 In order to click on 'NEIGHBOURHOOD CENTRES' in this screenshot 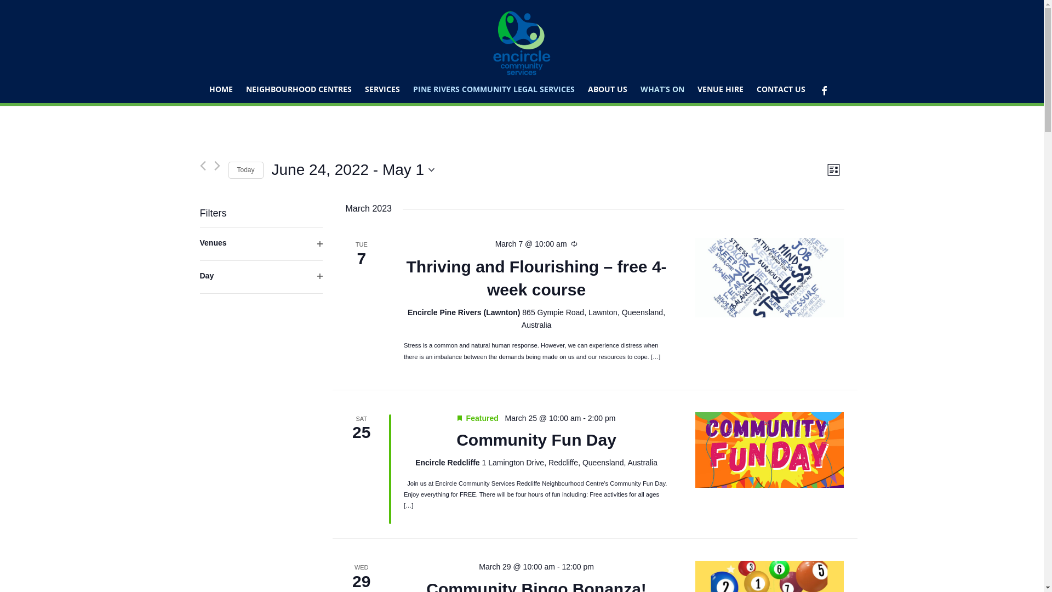, I will do `click(298, 88)`.